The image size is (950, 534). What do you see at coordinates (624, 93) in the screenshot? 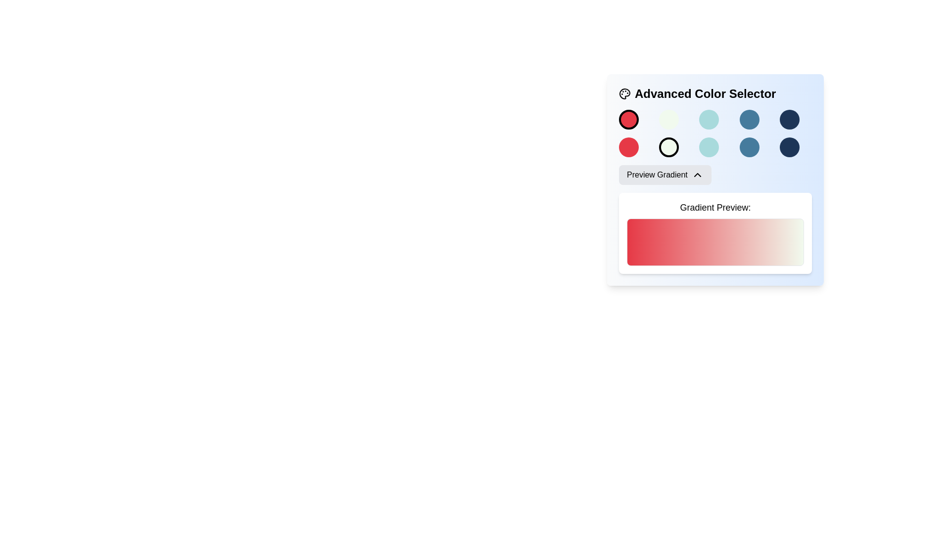
I see `the identifying icon for the 'Advanced Color Selector' section, positioned at the far left of the section, adjacent to the label` at bounding box center [624, 93].